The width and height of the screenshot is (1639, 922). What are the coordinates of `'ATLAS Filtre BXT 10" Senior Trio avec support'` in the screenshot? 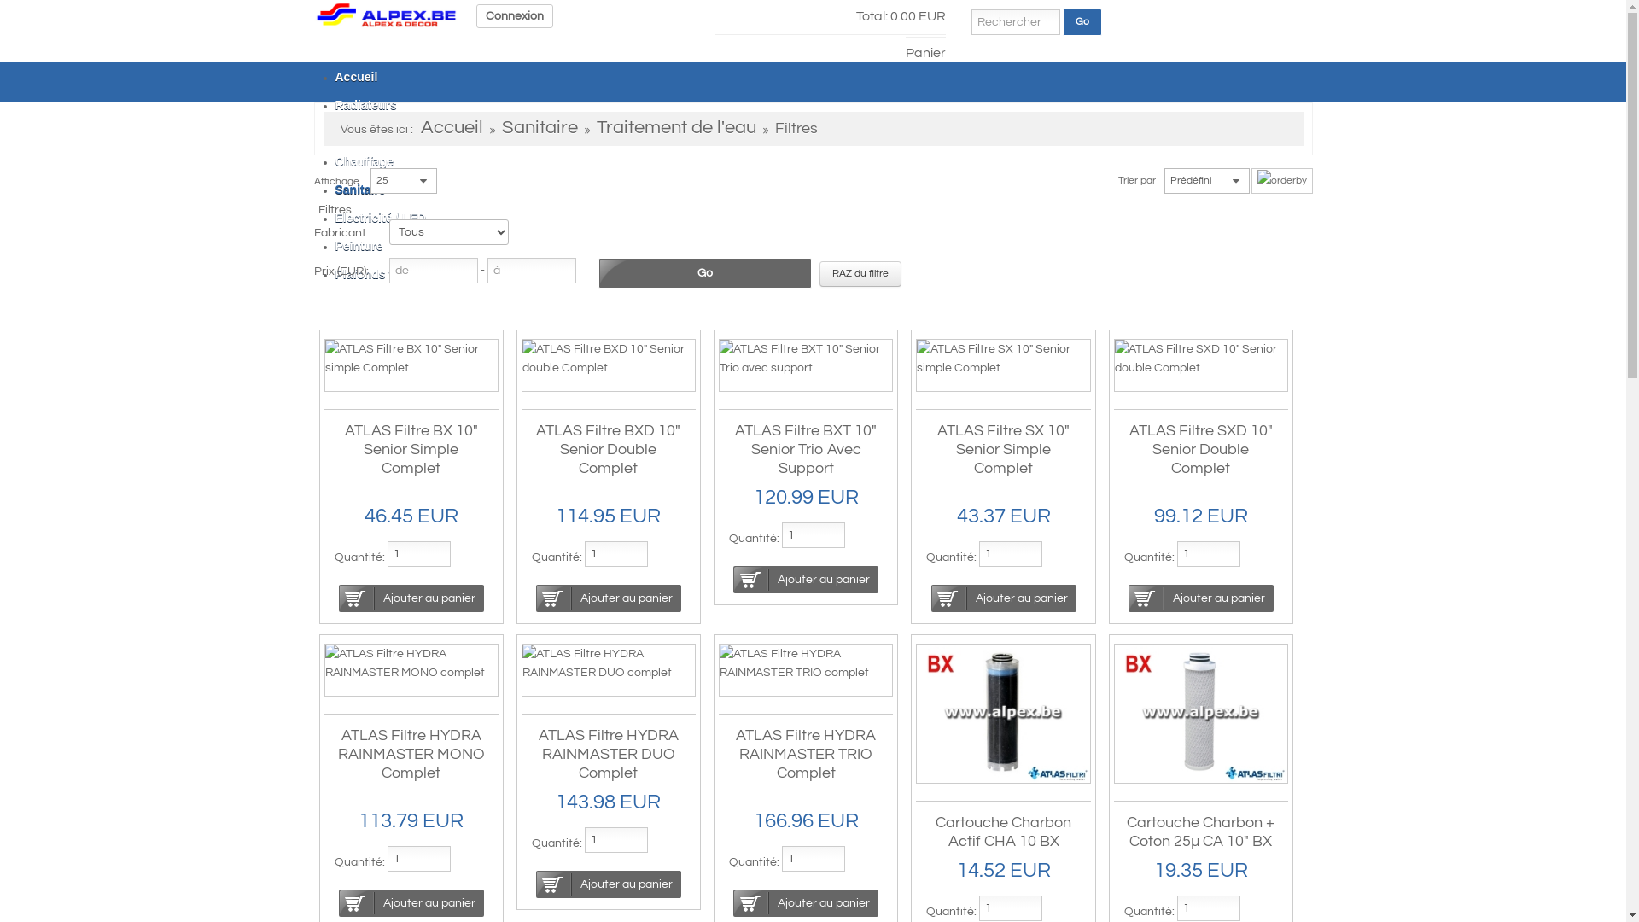 It's located at (720, 358).